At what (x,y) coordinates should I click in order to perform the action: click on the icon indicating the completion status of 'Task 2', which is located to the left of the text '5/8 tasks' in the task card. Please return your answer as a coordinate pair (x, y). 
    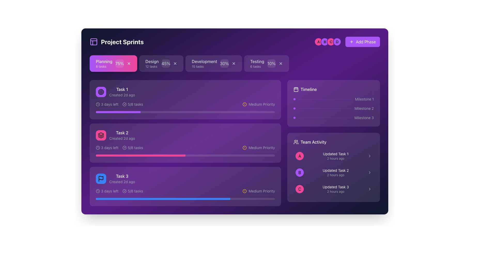
    Looking at the image, I should click on (125, 148).